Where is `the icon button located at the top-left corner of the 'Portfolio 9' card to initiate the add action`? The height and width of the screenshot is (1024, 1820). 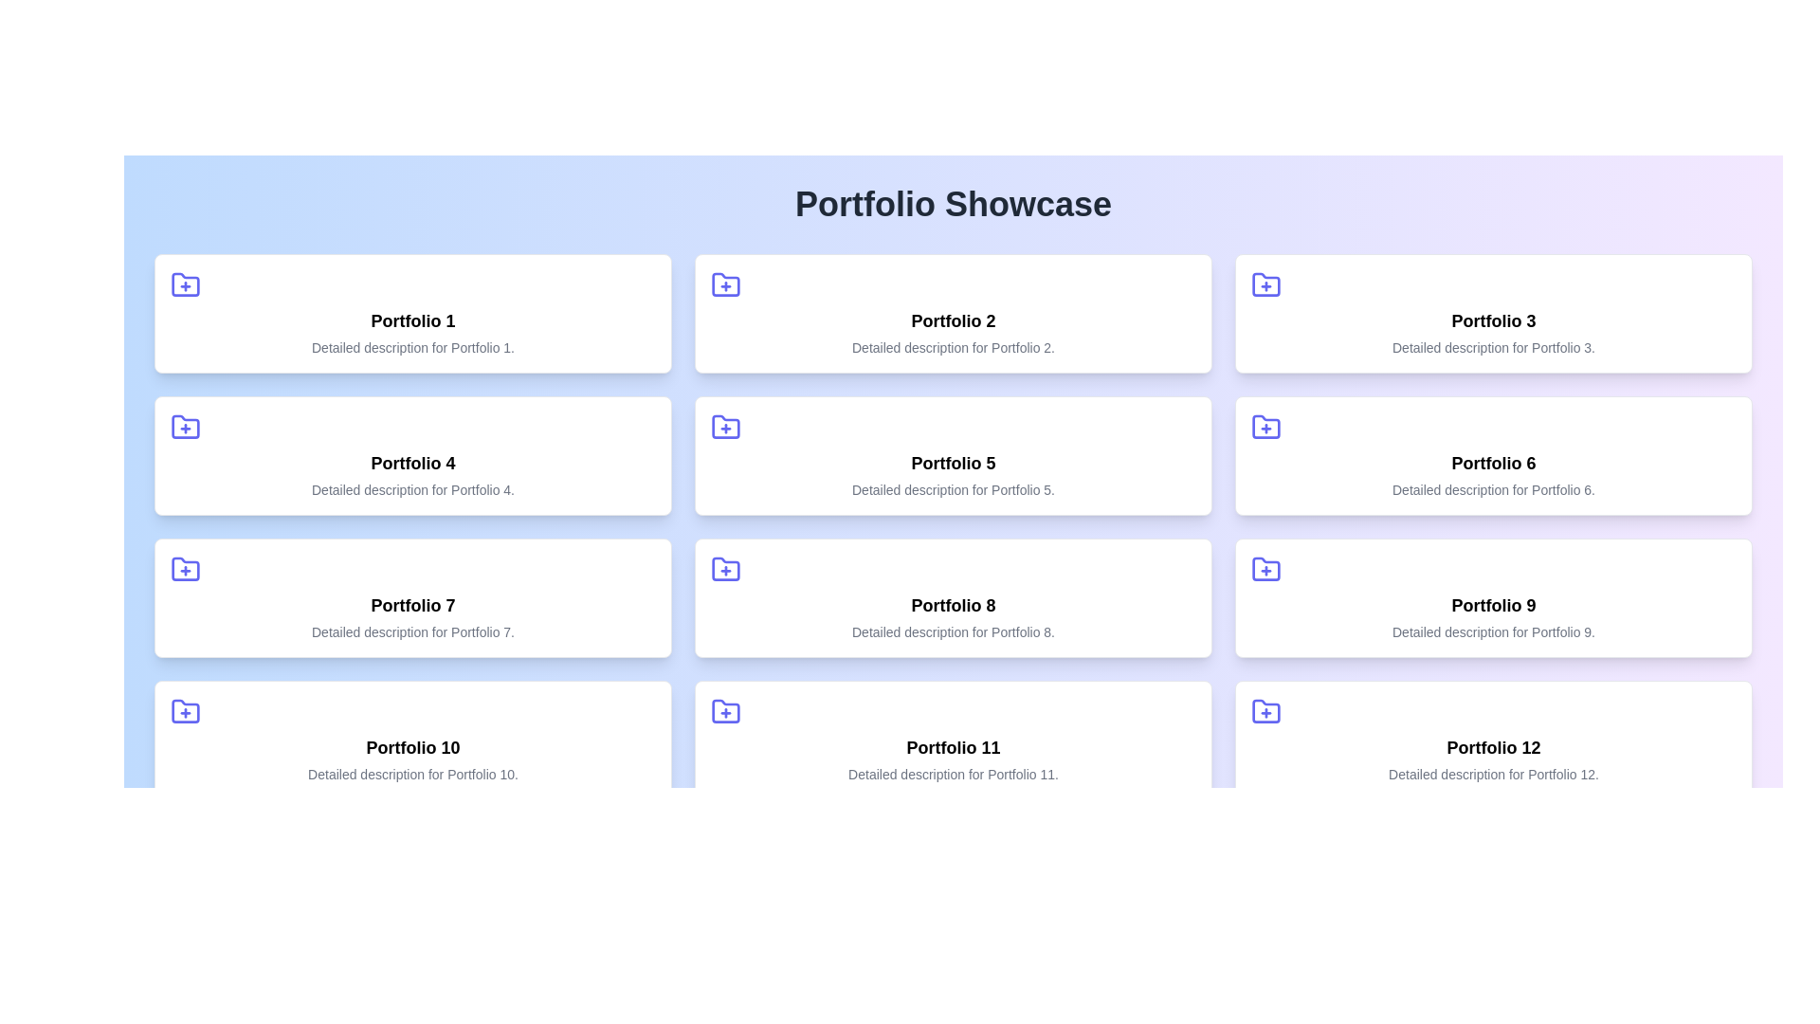 the icon button located at the top-left corner of the 'Portfolio 9' card to initiate the add action is located at coordinates (1265, 569).